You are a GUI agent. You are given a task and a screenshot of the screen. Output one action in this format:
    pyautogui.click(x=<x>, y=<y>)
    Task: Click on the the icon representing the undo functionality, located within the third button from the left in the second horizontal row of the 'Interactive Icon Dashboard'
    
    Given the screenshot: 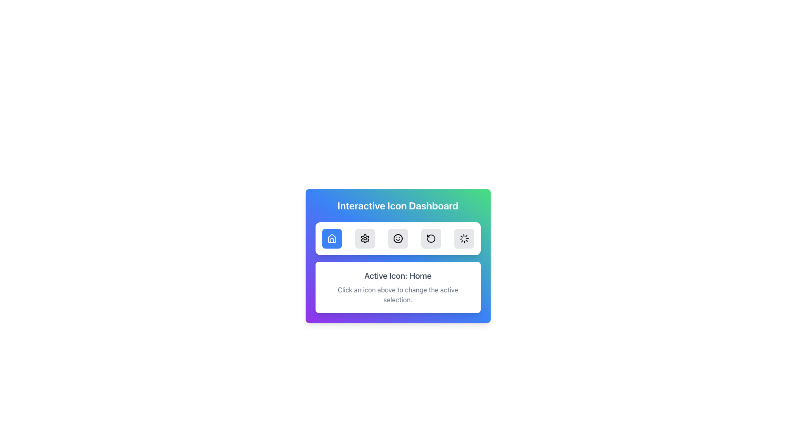 What is the action you would take?
    pyautogui.click(x=430, y=239)
    